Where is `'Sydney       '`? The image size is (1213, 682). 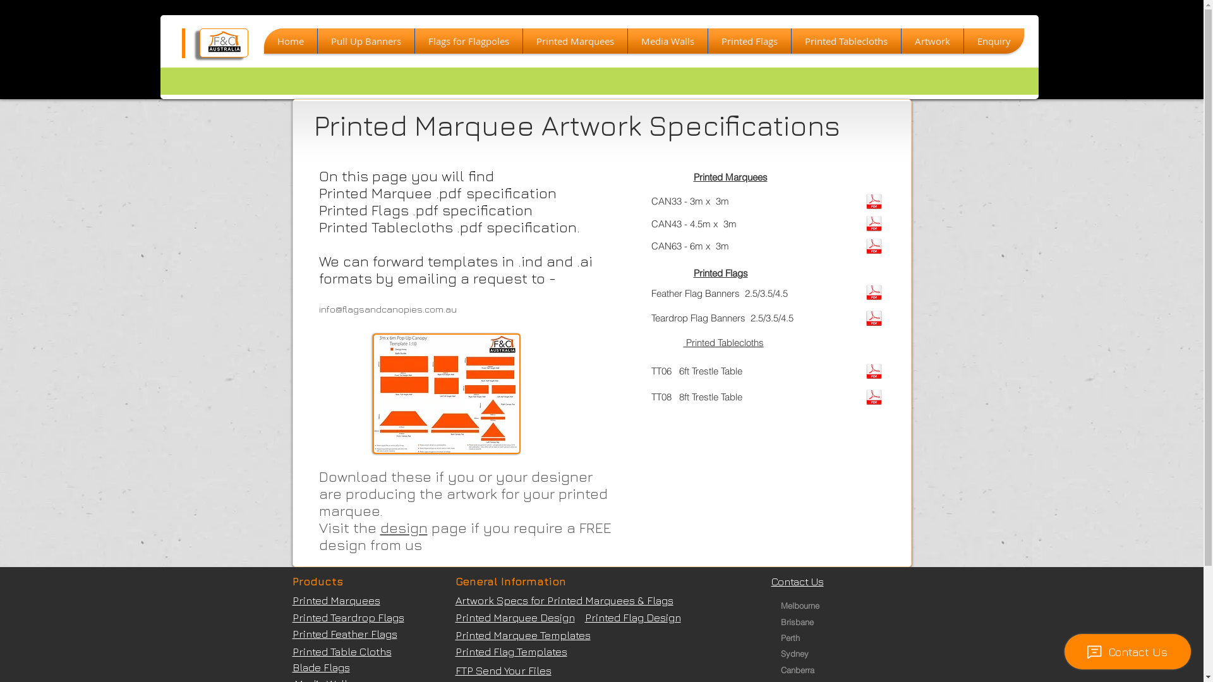
'Sydney       ' is located at coordinates (780, 653).